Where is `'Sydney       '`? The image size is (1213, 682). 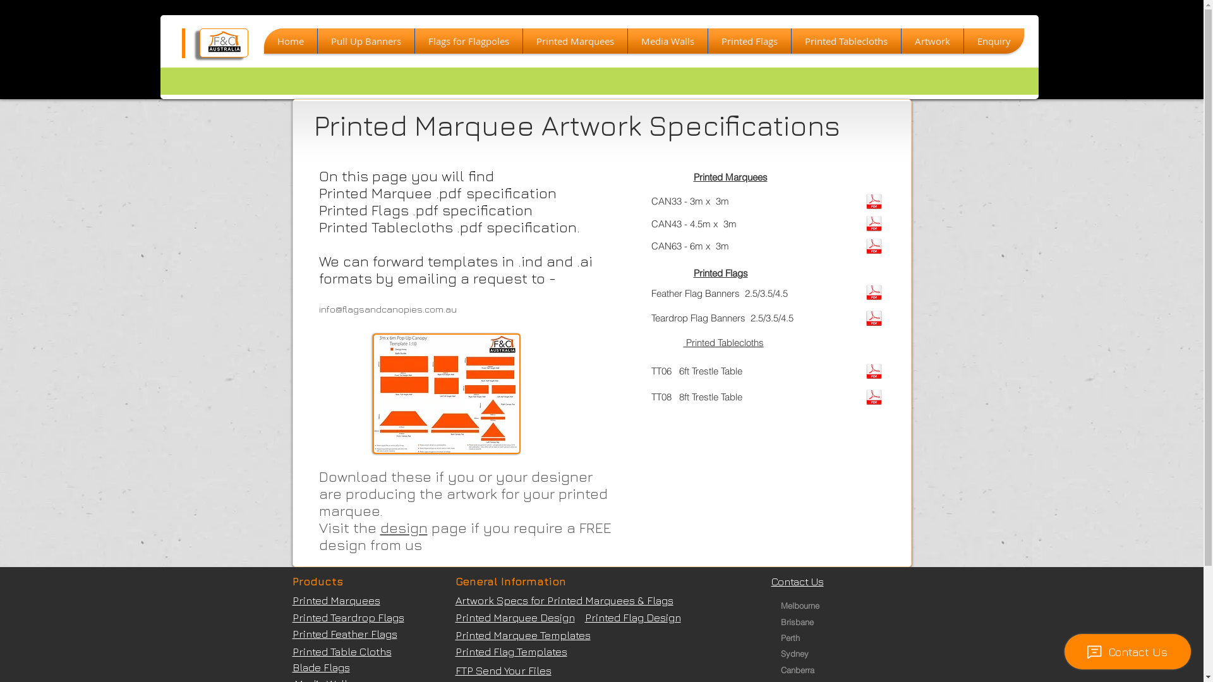
'Sydney       ' is located at coordinates (780, 653).